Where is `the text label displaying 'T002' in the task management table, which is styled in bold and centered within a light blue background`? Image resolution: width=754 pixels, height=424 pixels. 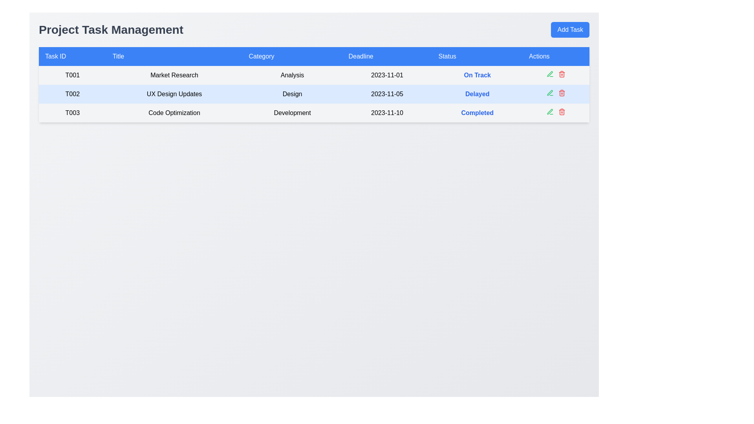 the text label displaying 'T002' in the task management table, which is styled in bold and centered within a light blue background is located at coordinates (72, 93).